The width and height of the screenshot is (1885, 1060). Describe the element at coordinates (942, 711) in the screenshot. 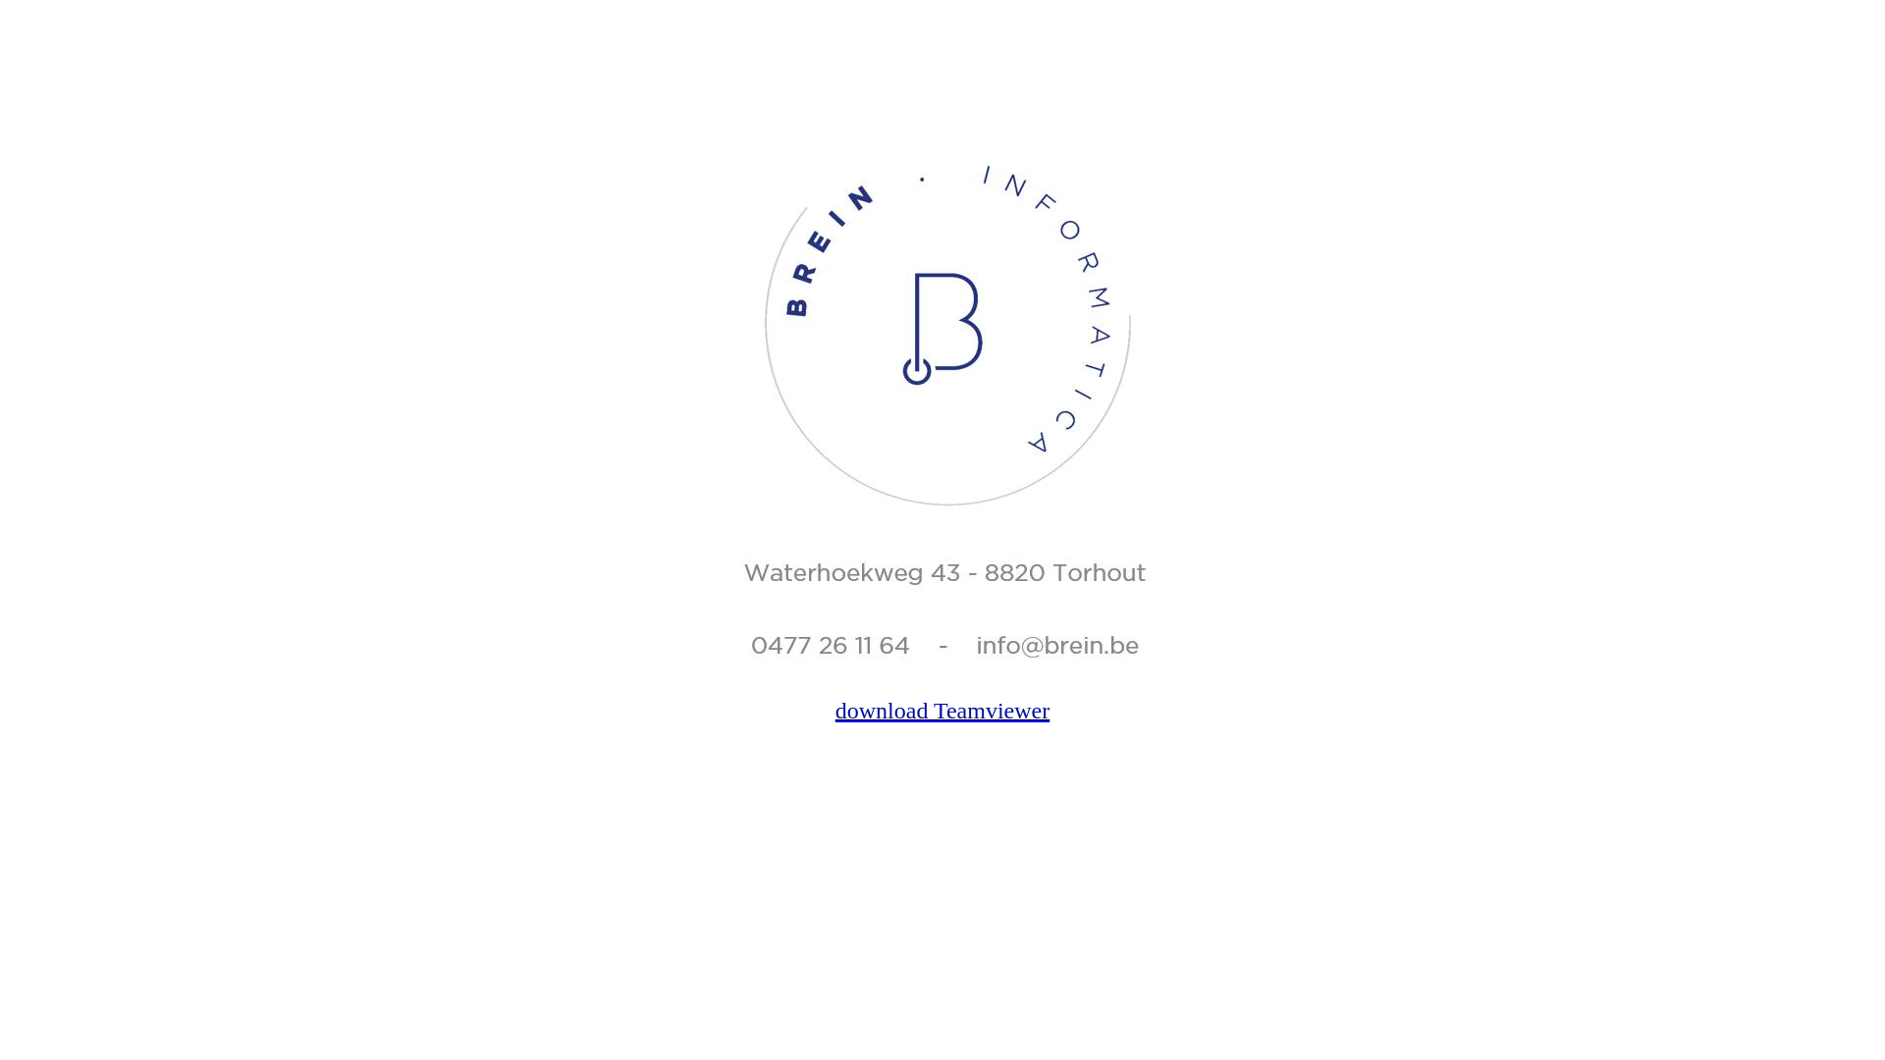

I see `'download Teamviewer'` at that location.